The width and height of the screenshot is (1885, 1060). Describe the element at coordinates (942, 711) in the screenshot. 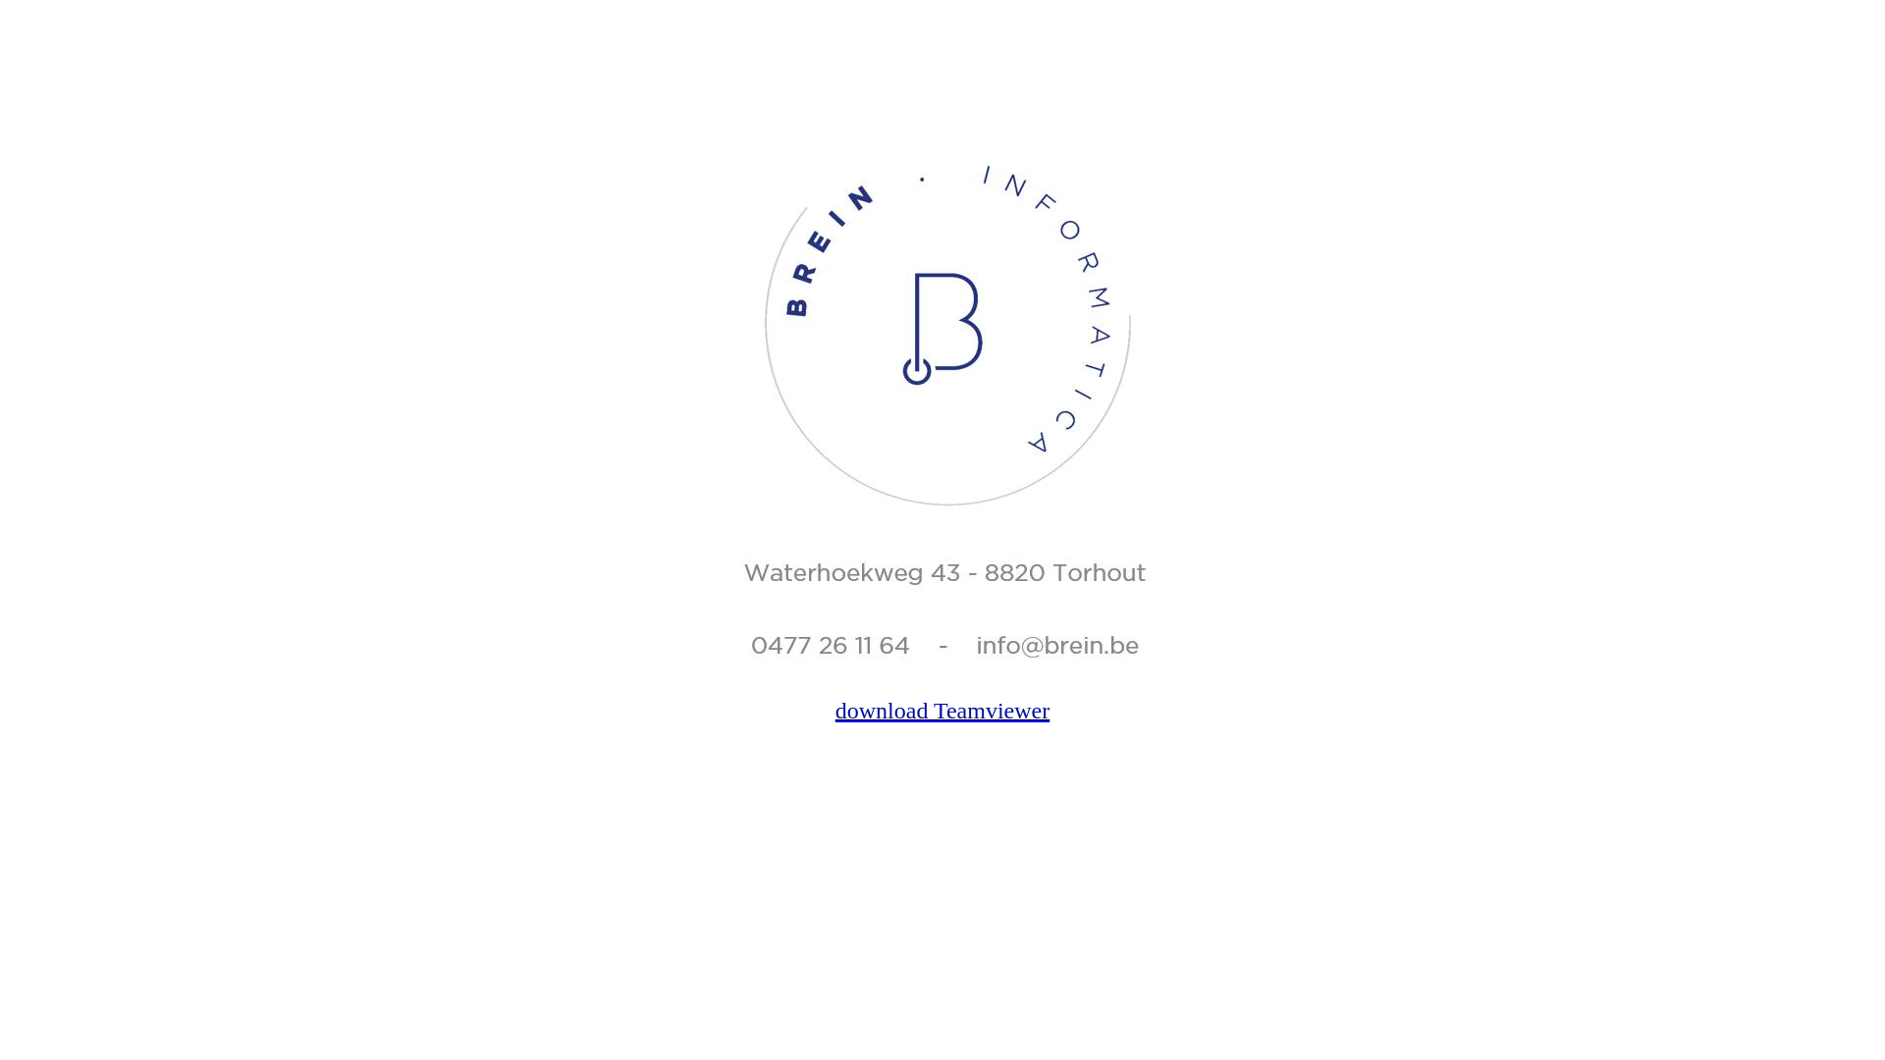

I see `'download Teamviewer'` at that location.